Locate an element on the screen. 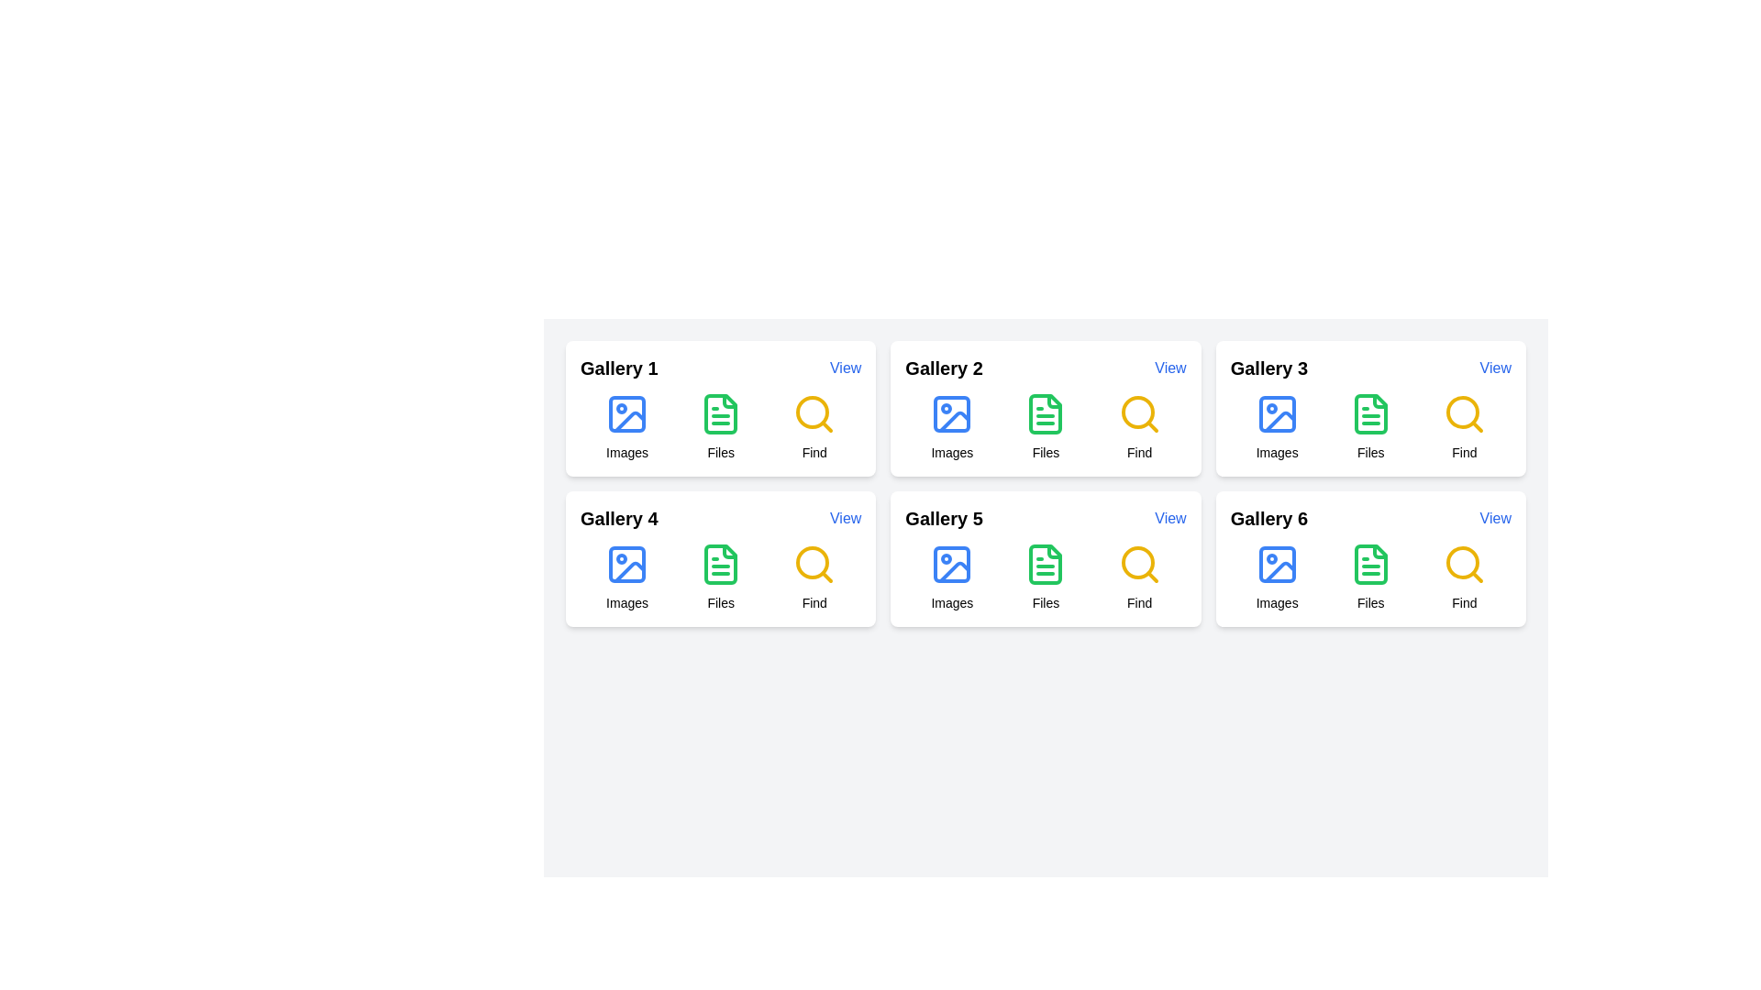 This screenshot has height=990, width=1761. the text label displaying 'Gallery 5', which is styled in a bold font and serves as a header in the bottom-left cell of a 3x2 grid layout is located at coordinates (944, 519).